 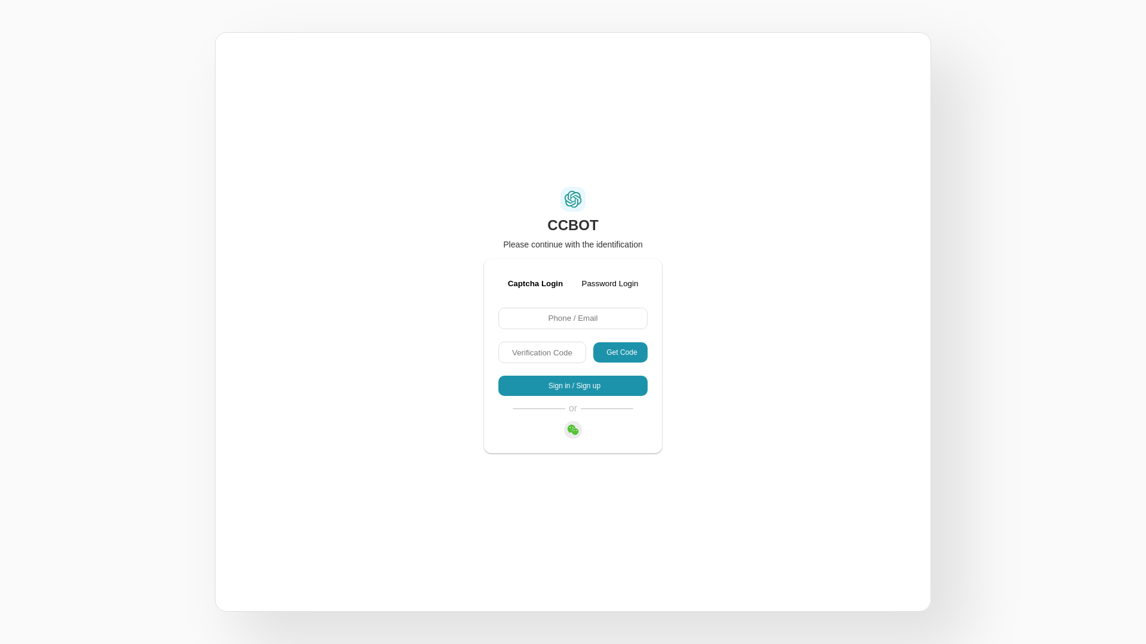 What do you see at coordinates (593, 351) in the screenshot?
I see `'Get Code'` at bounding box center [593, 351].